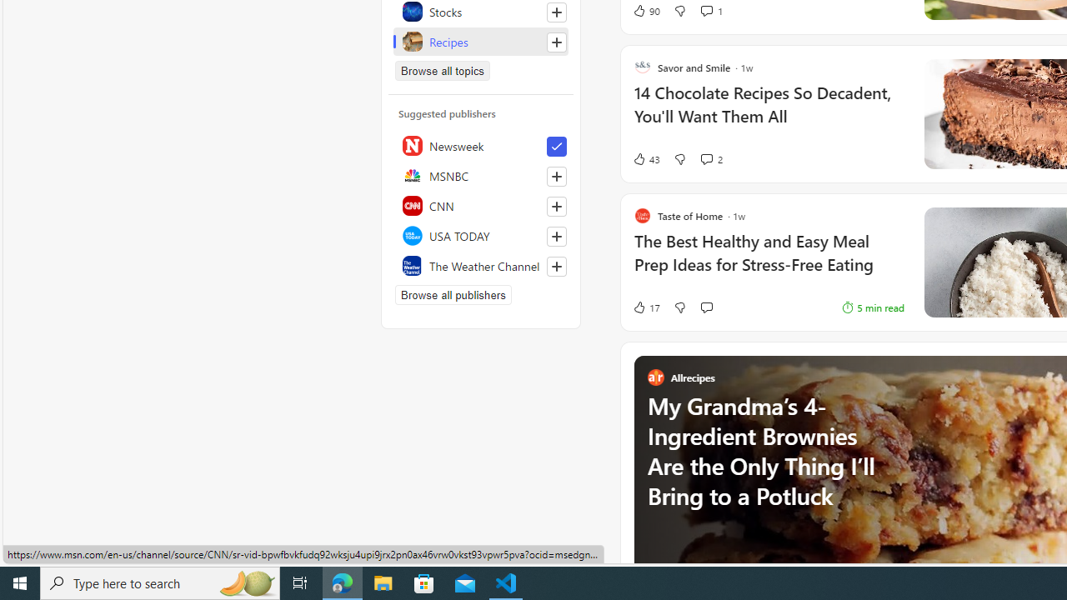 The width and height of the screenshot is (1067, 600). Describe the element at coordinates (556, 42) in the screenshot. I see `'Follow this topic'` at that location.